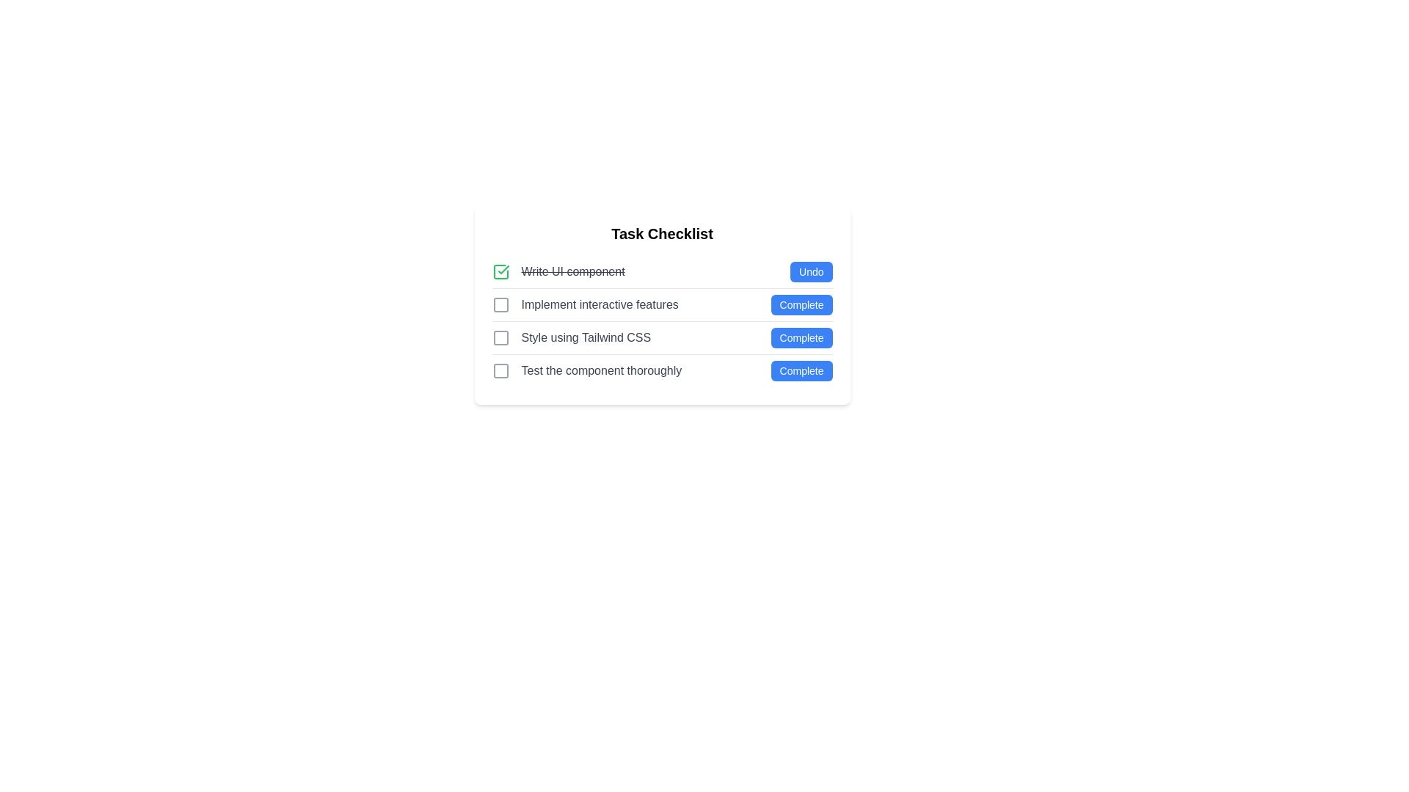 Image resolution: width=1409 pixels, height=792 pixels. I want to click on the checkbox associated with the Task label 'Test the component thoroughly' to mark the task as complete, so click(586, 370).